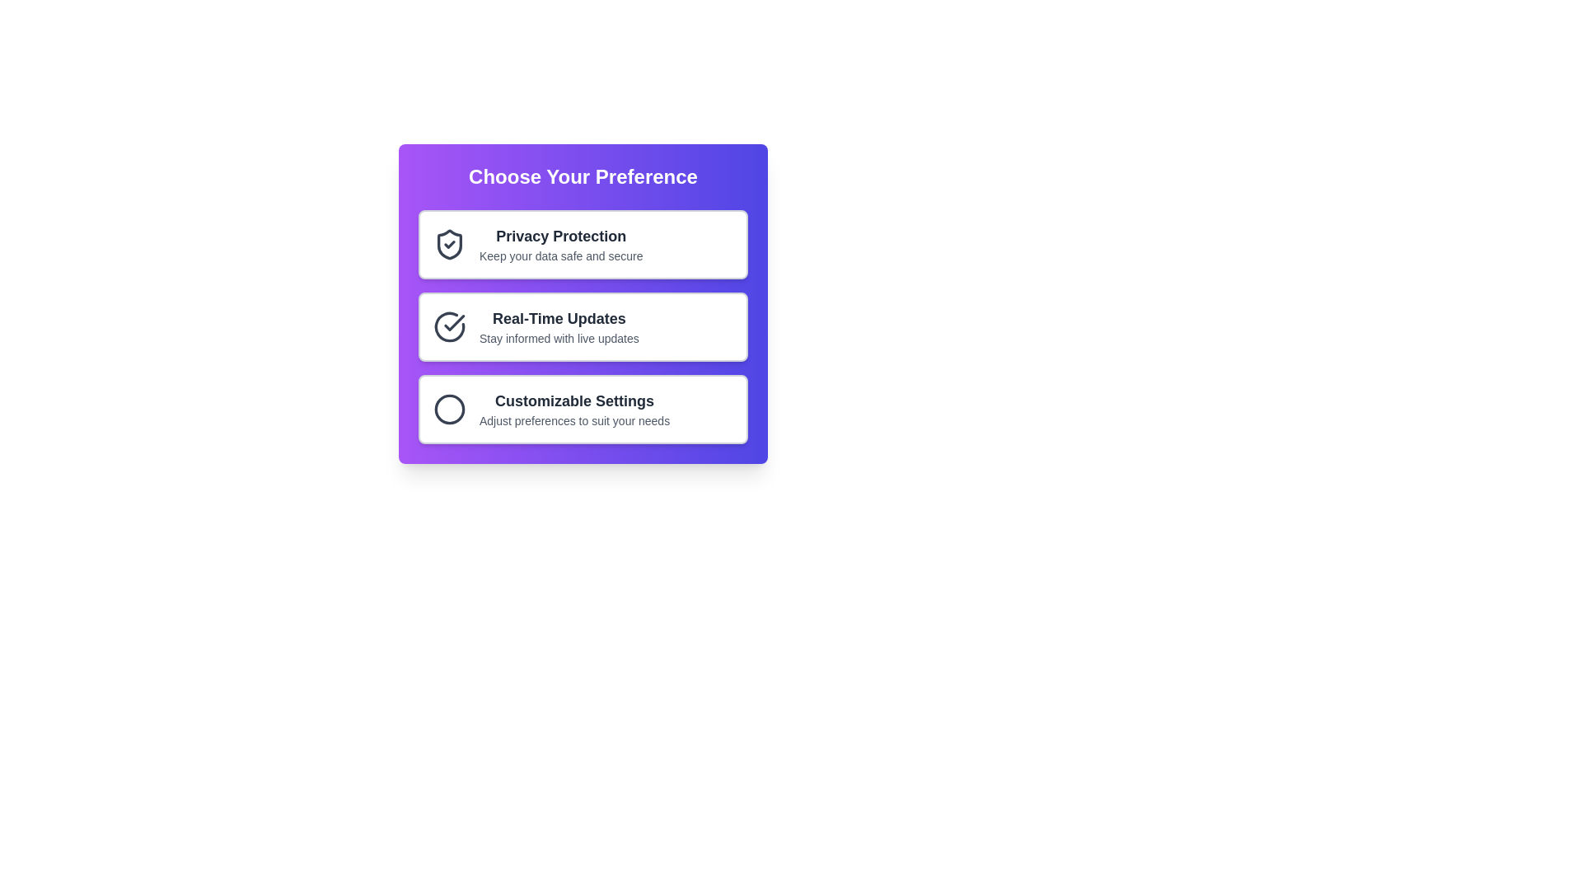 This screenshot has width=1582, height=890. What do you see at coordinates (583, 409) in the screenshot?
I see `the 'Customizable Settings' selectable card, which is the third item in a vertical list of cards` at bounding box center [583, 409].